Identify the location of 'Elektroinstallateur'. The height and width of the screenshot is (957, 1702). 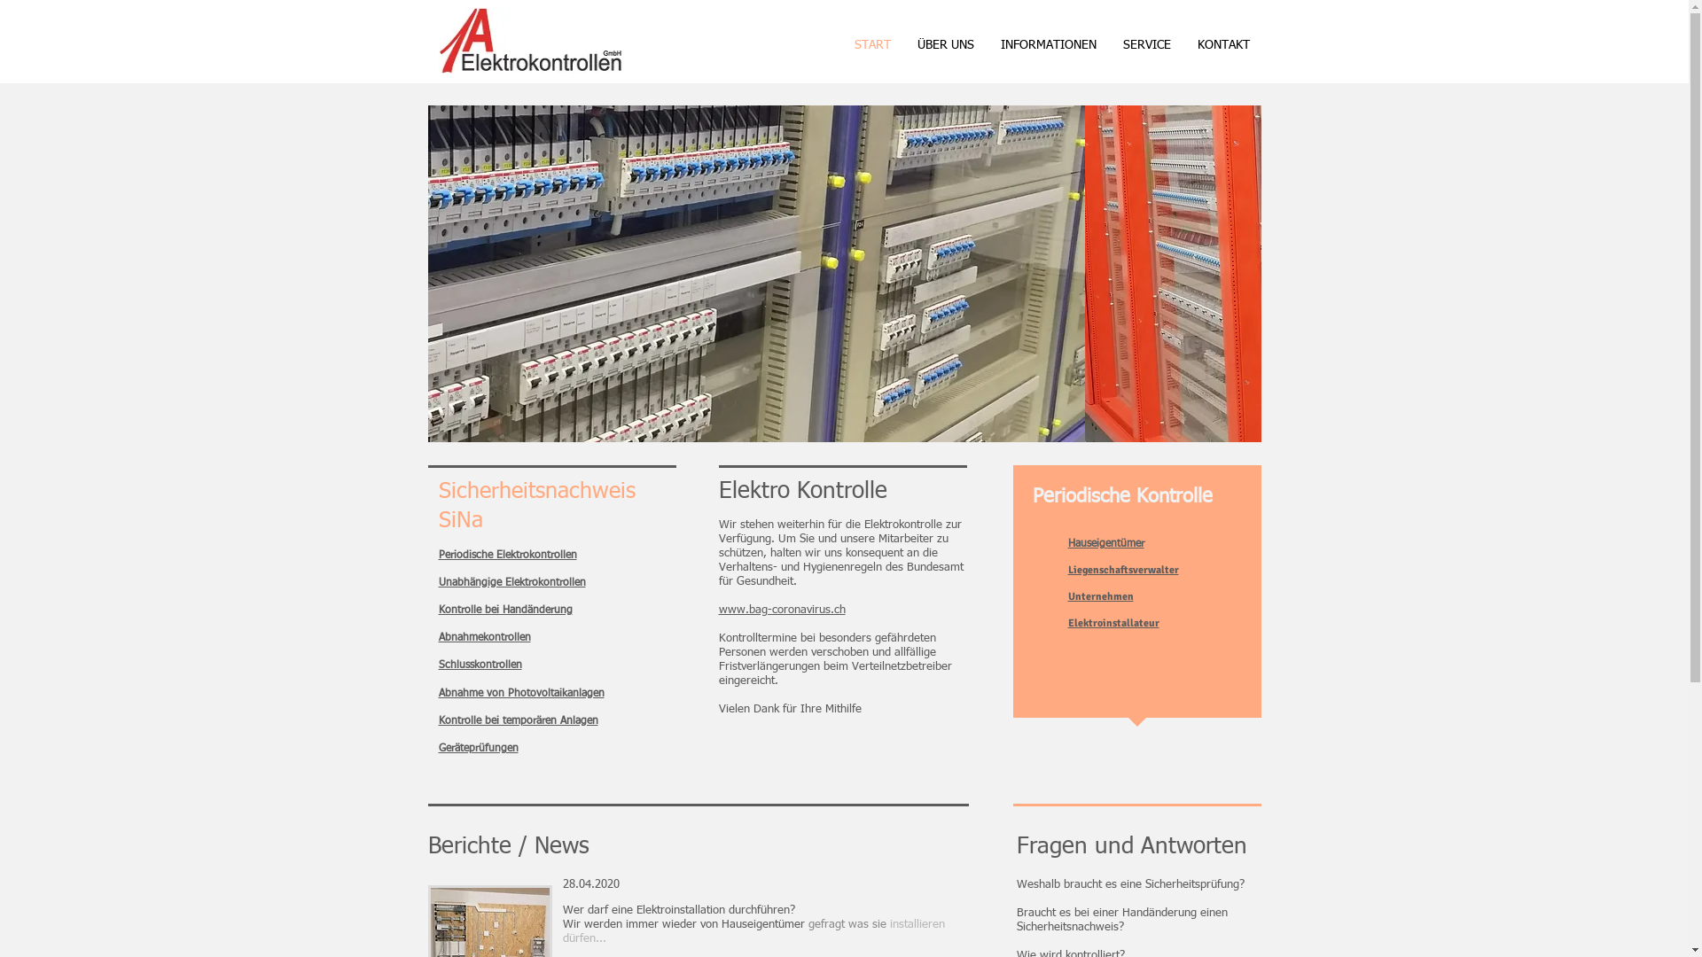
(1112, 622).